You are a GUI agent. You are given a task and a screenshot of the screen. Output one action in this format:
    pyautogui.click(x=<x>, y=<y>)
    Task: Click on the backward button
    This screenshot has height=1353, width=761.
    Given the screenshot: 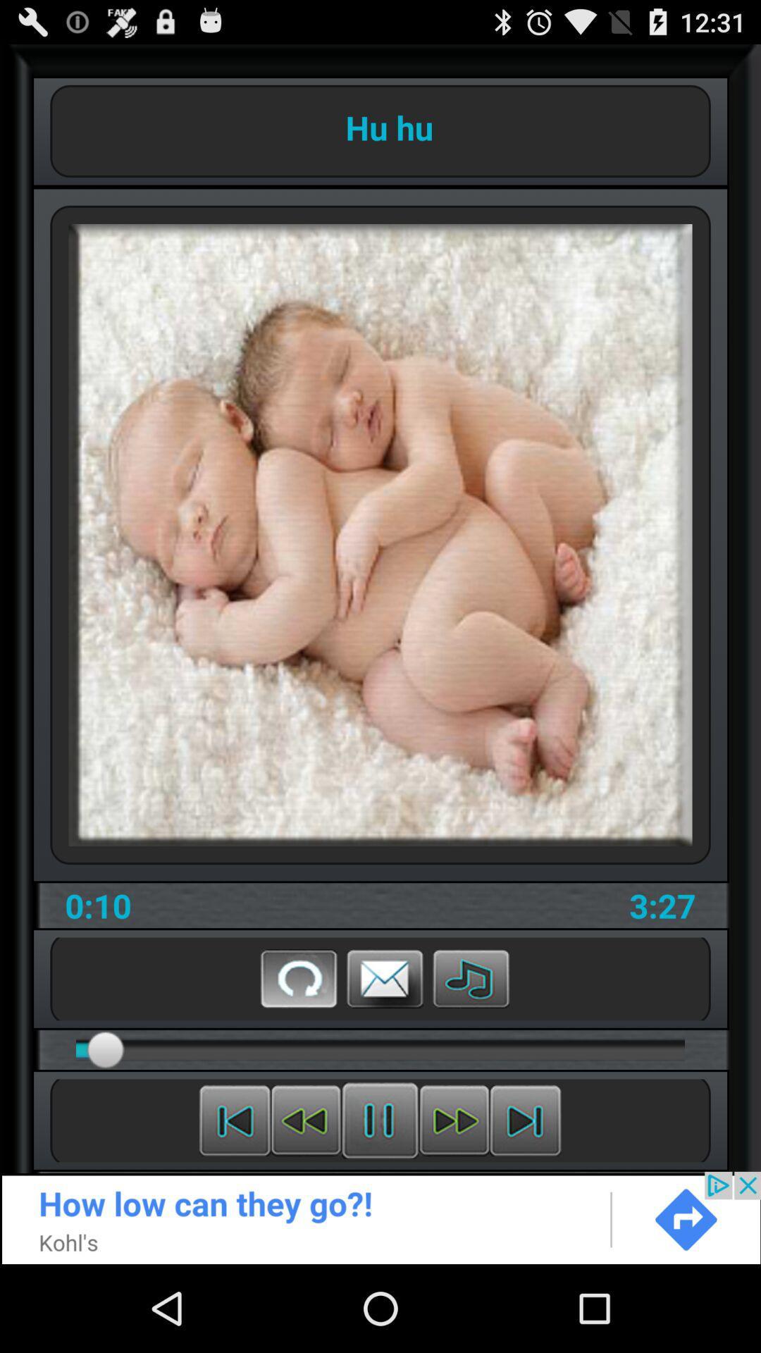 What is the action you would take?
    pyautogui.click(x=234, y=1120)
    